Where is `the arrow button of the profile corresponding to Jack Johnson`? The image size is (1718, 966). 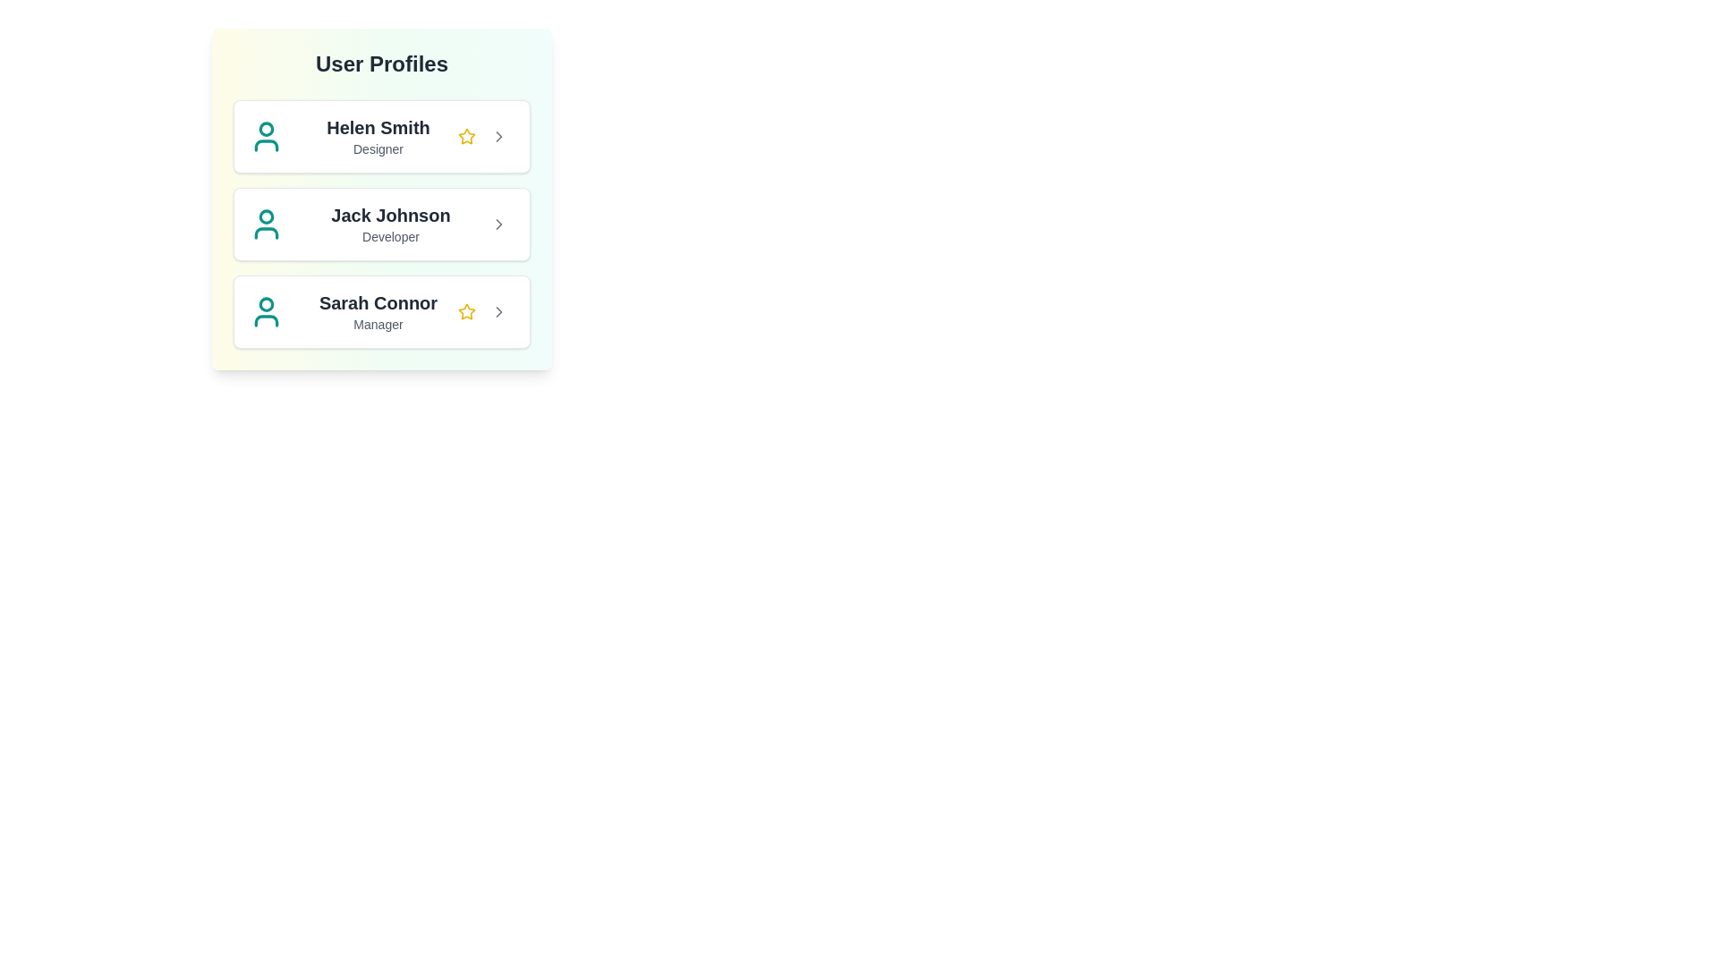 the arrow button of the profile corresponding to Jack Johnson is located at coordinates (498, 223).